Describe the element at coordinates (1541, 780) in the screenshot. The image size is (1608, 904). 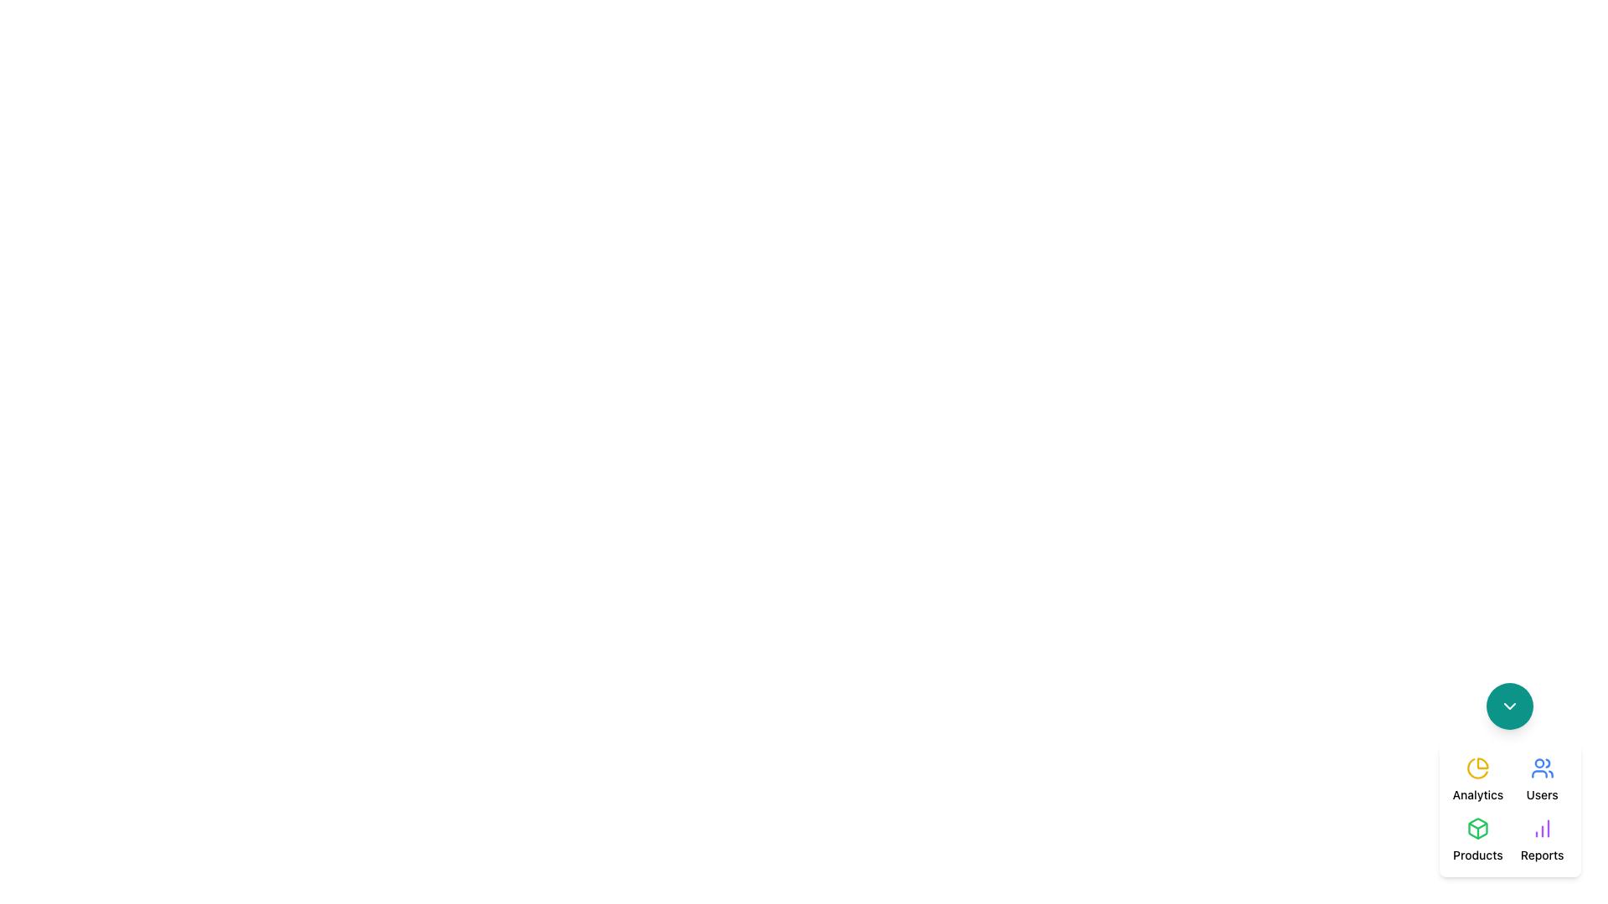
I see `the 'Users' button, which features an icon of users with a blue outline and a black label` at that location.